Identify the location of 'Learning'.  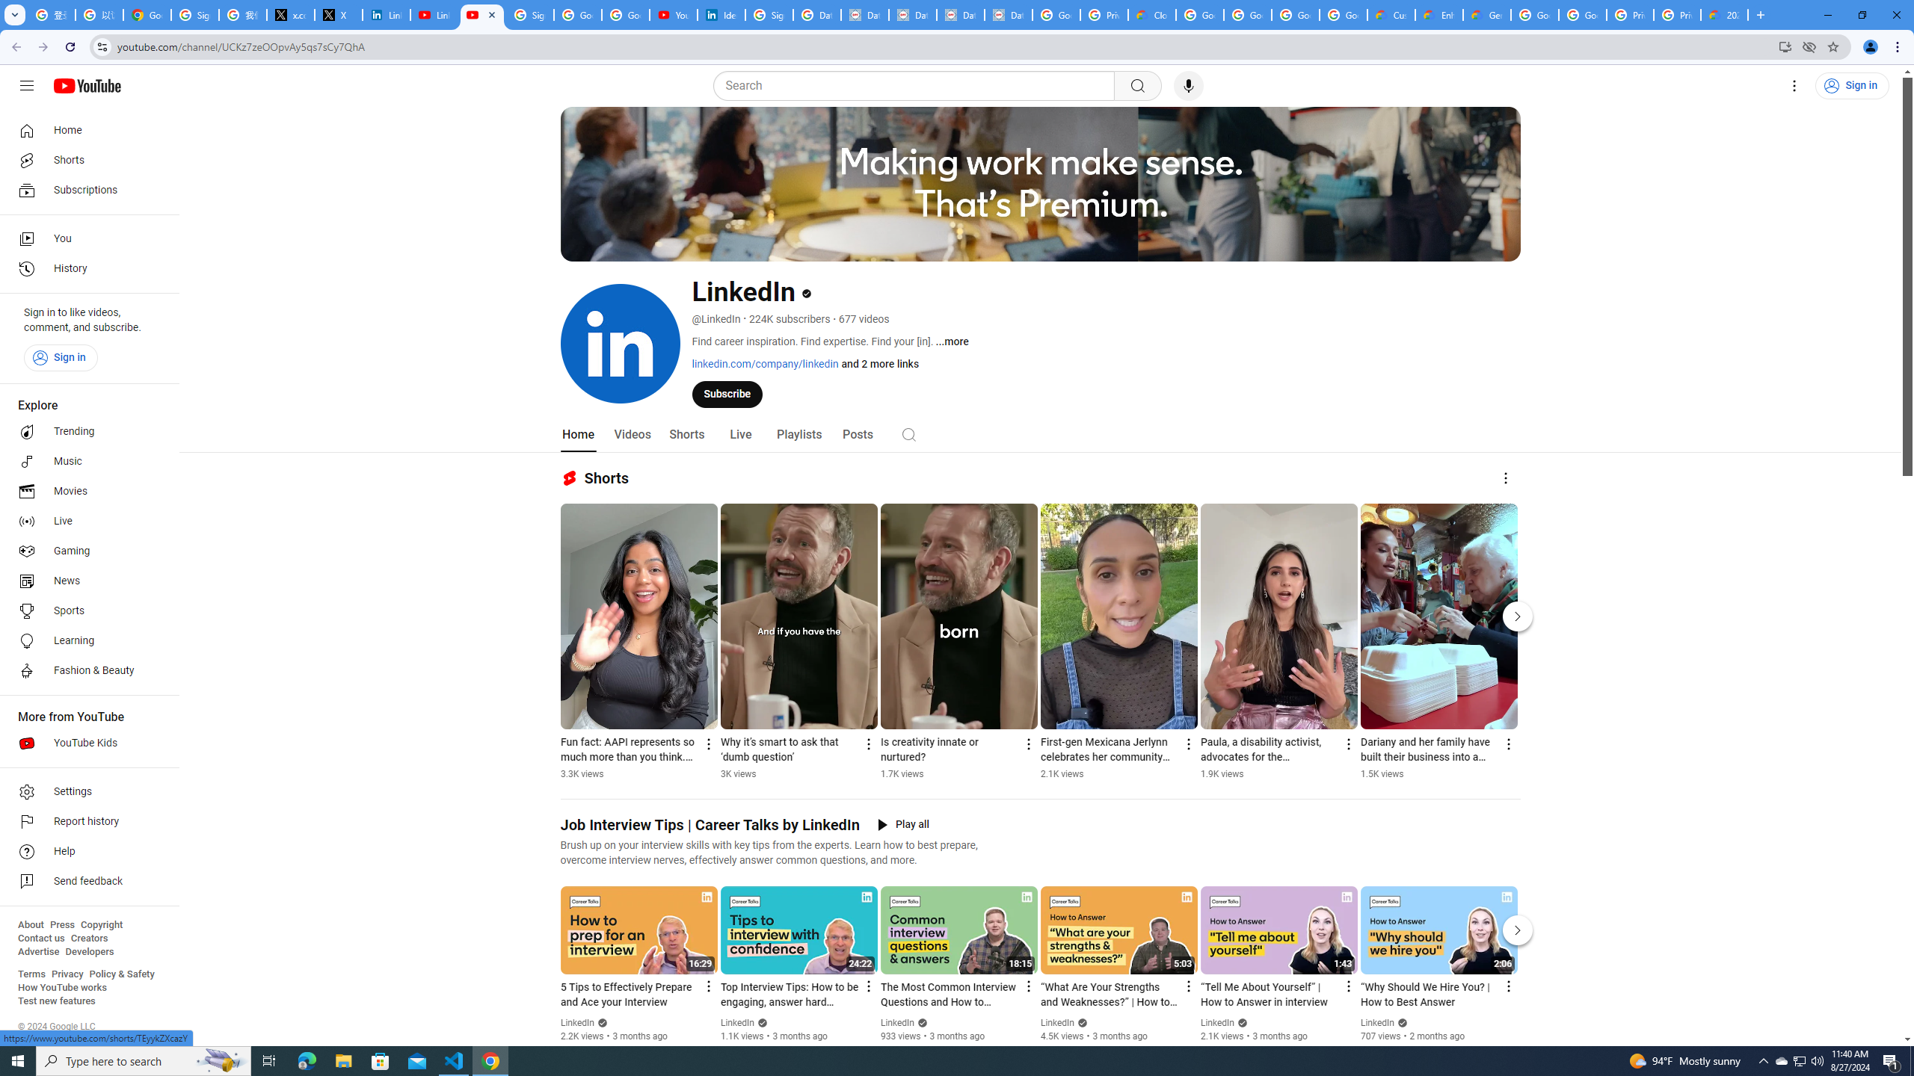
(84, 640).